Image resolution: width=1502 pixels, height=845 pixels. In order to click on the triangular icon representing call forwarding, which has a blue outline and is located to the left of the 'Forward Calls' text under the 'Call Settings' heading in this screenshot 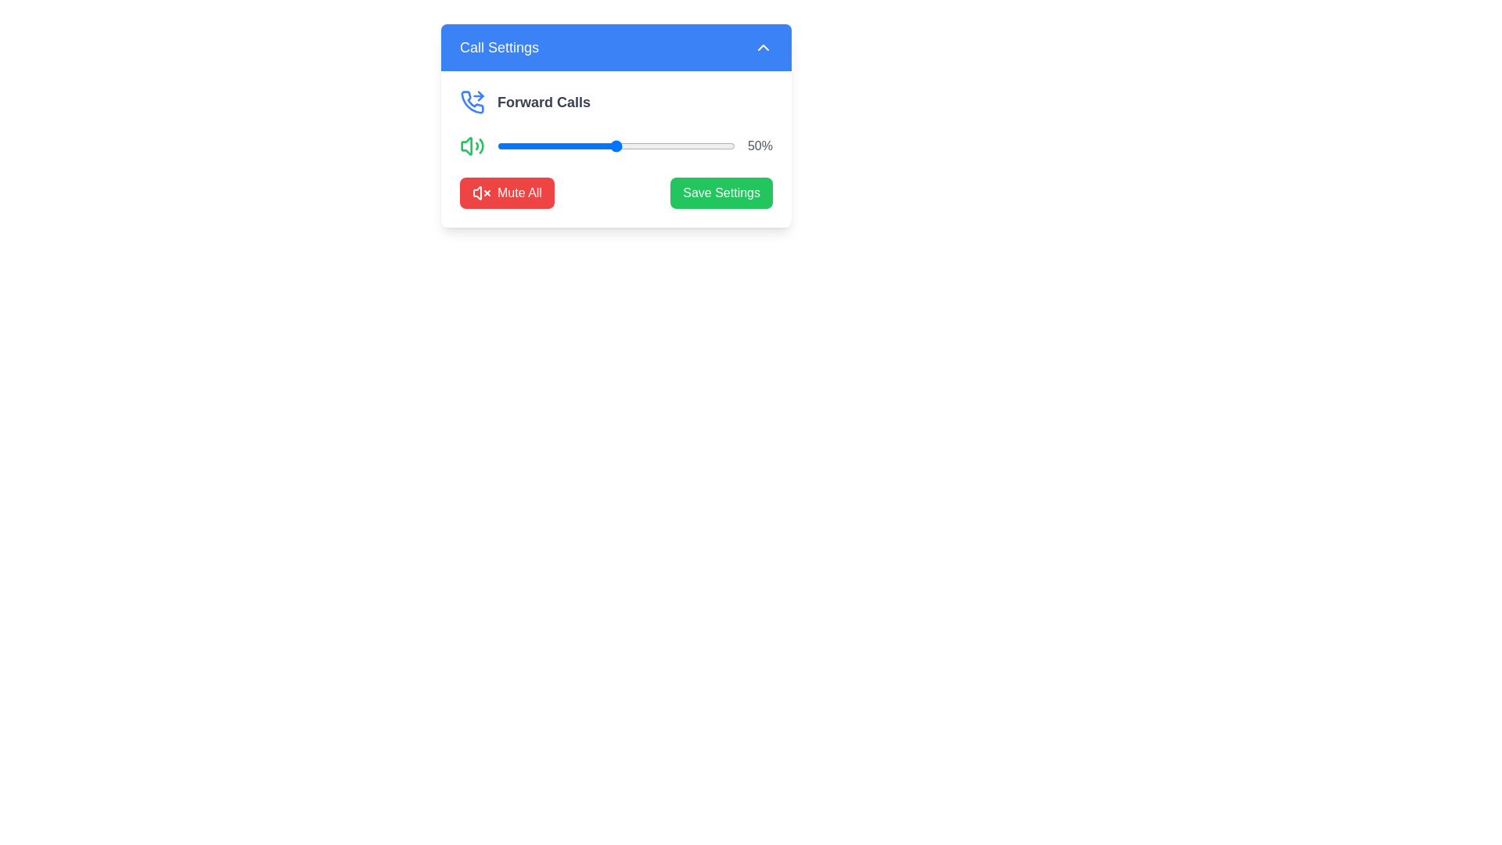, I will do `click(480, 96)`.